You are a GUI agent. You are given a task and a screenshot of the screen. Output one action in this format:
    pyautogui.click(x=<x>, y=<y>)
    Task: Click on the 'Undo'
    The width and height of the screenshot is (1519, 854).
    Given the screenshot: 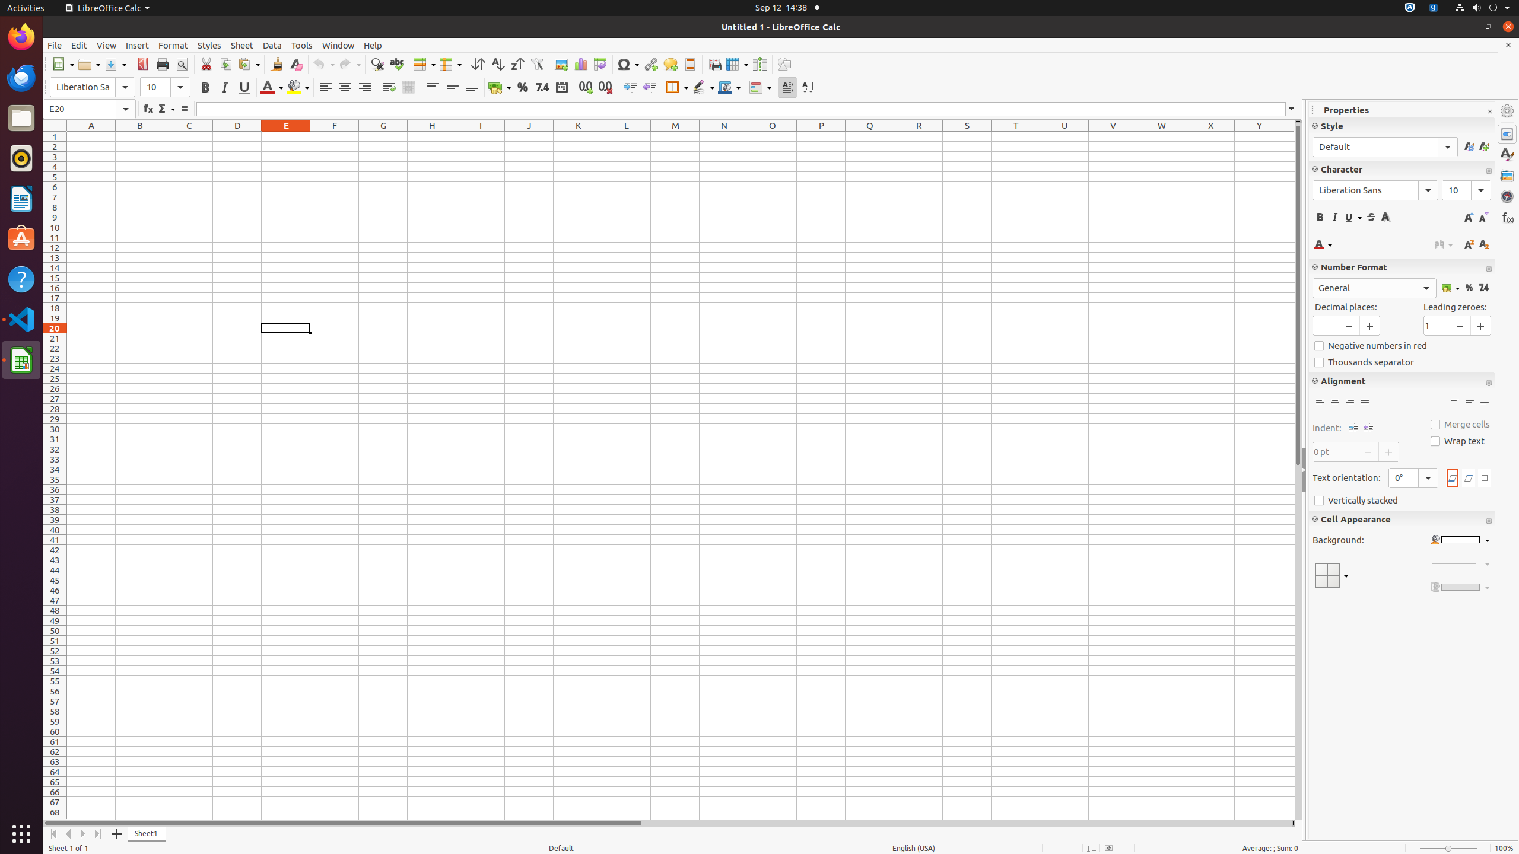 What is the action you would take?
    pyautogui.click(x=323, y=63)
    